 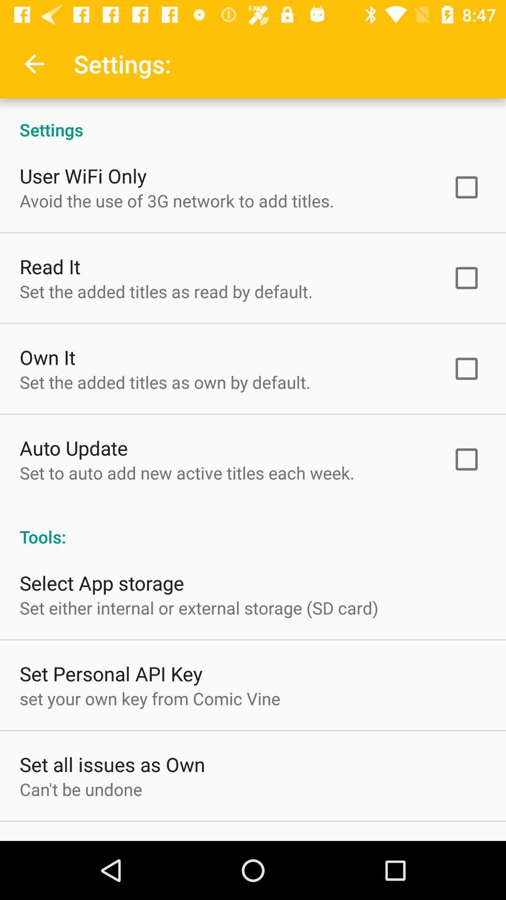 What do you see at coordinates (80, 788) in the screenshot?
I see `can t be item` at bounding box center [80, 788].